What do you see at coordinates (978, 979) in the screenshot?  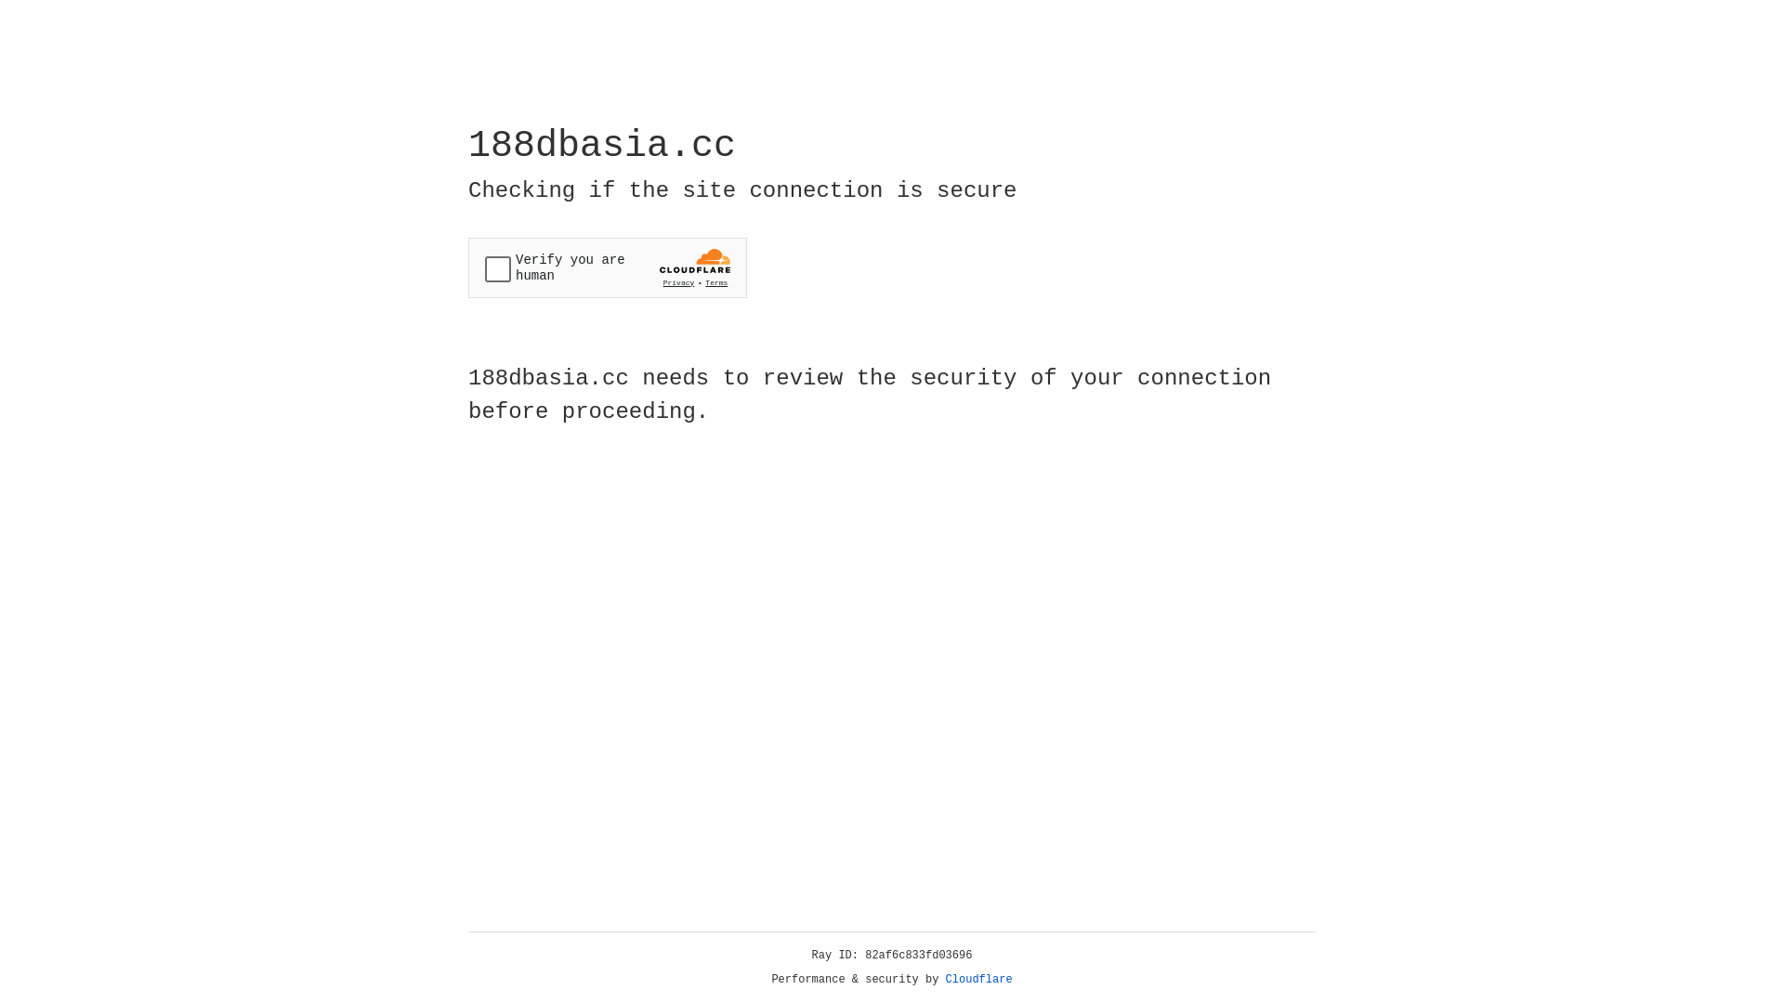 I see `'Cloudflare'` at bounding box center [978, 979].